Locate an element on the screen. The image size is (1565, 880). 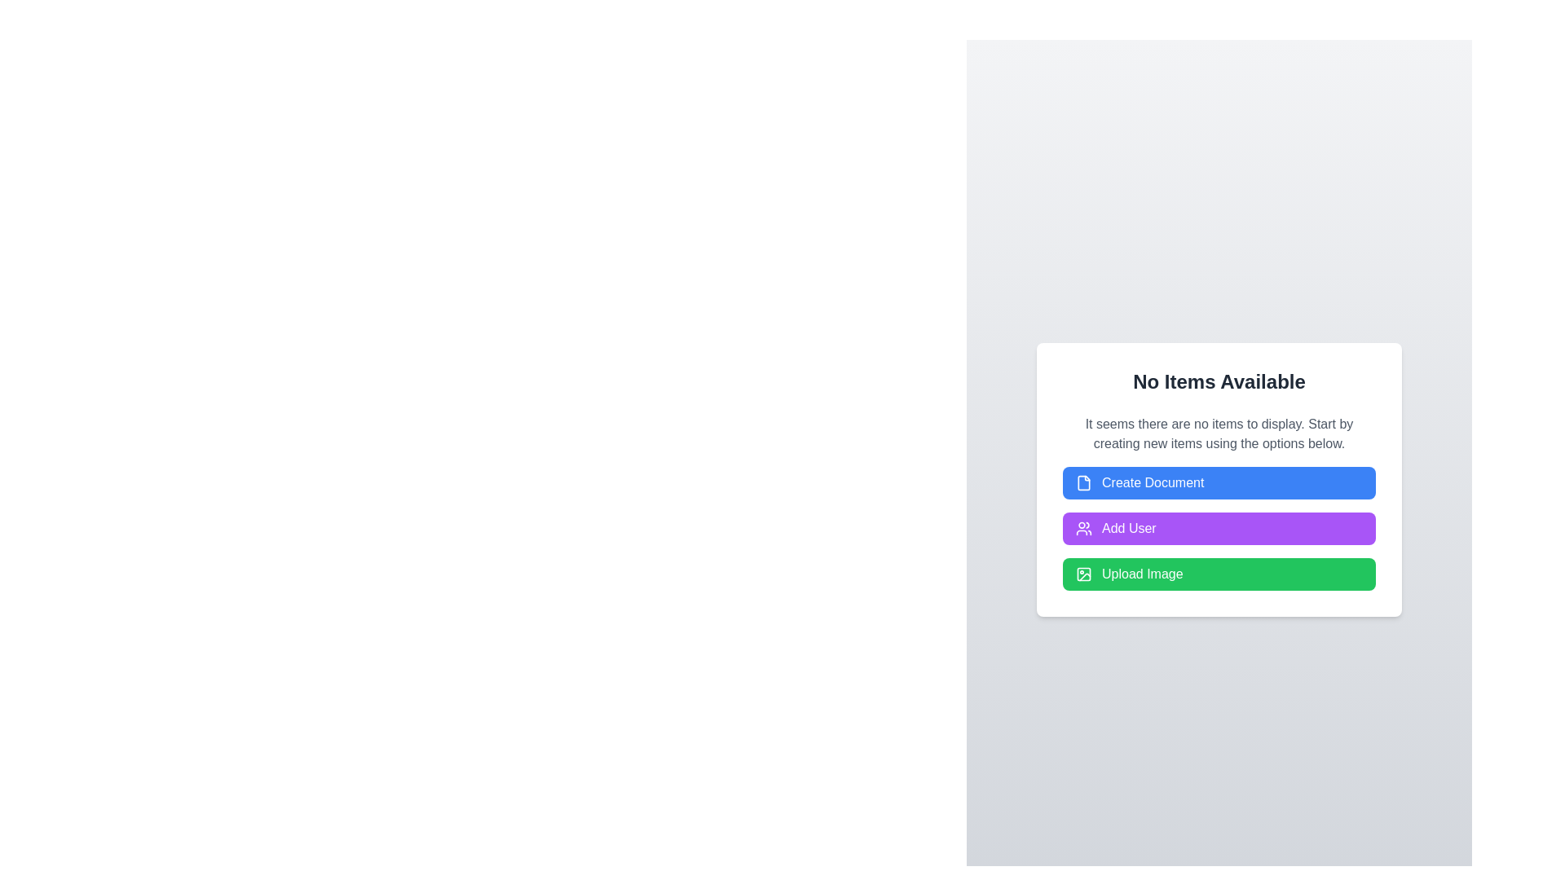
the button that initiates the action of adding a new user, which is centrally located between the 'Create Document' button and the 'Upload Image' button is located at coordinates (1219, 528).